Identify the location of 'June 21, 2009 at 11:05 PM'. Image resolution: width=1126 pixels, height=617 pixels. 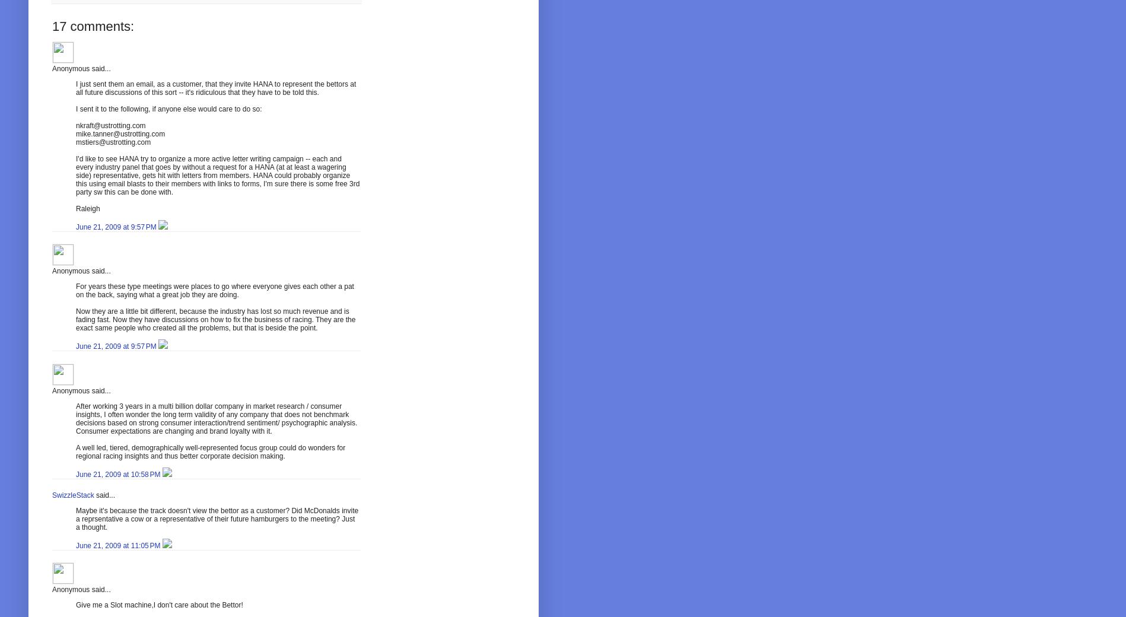
(75, 545).